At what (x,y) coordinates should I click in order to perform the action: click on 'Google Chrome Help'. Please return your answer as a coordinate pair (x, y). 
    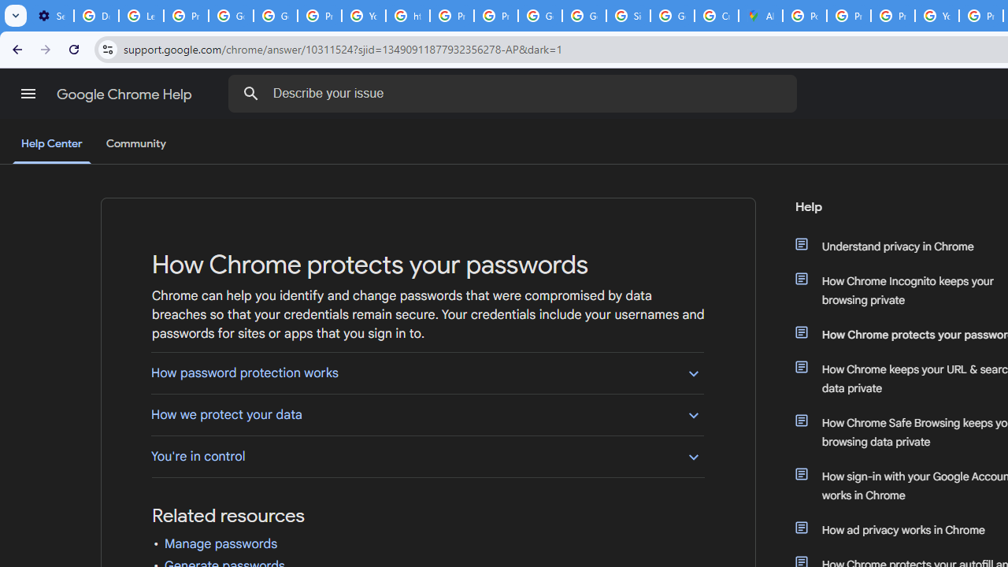
    Looking at the image, I should click on (126, 94).